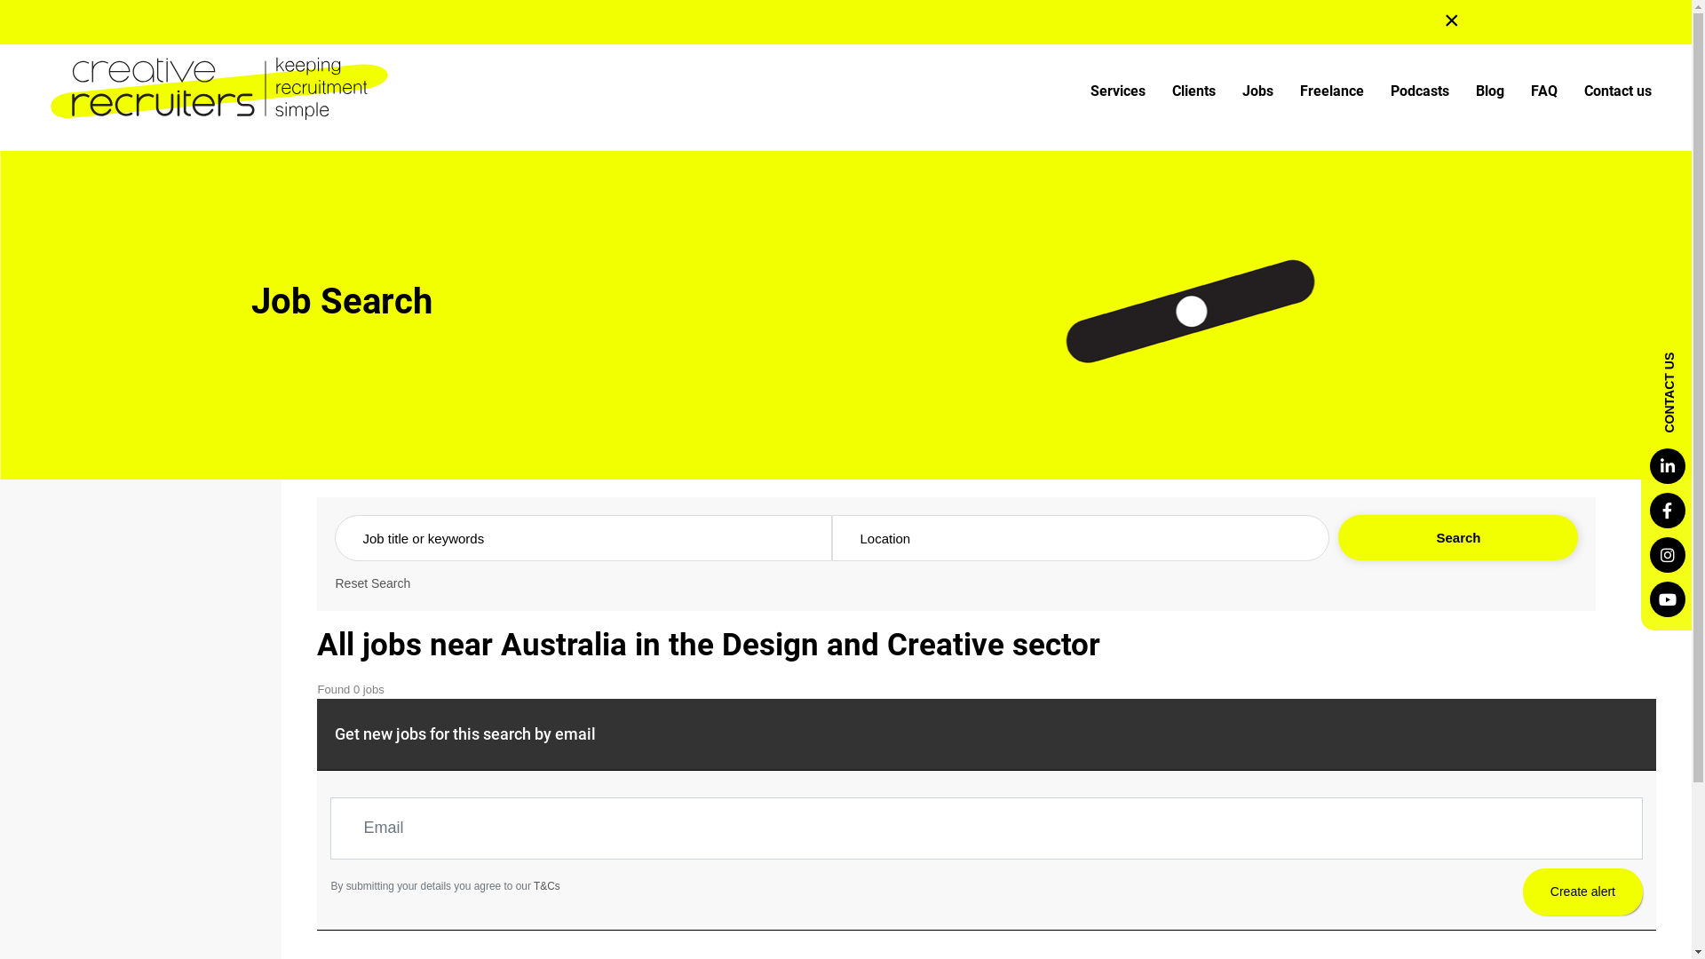  What do you see at coordinates (1418, 91) in the screenshot?
I see `'Podcasts'` at bounding box center [1418, 91].